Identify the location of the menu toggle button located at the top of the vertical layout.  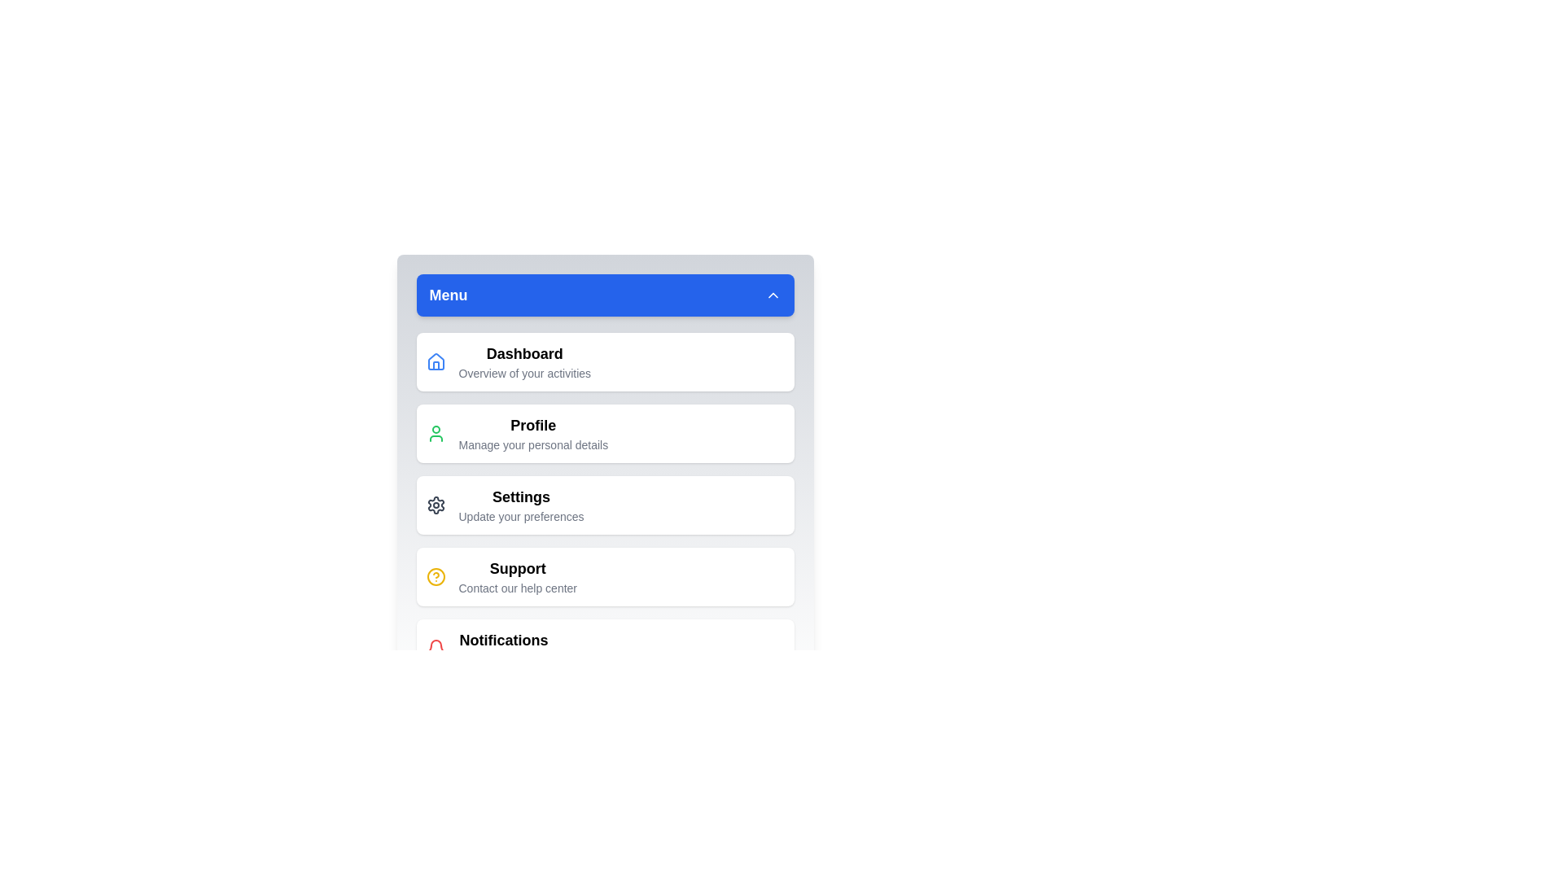
(604, 295).